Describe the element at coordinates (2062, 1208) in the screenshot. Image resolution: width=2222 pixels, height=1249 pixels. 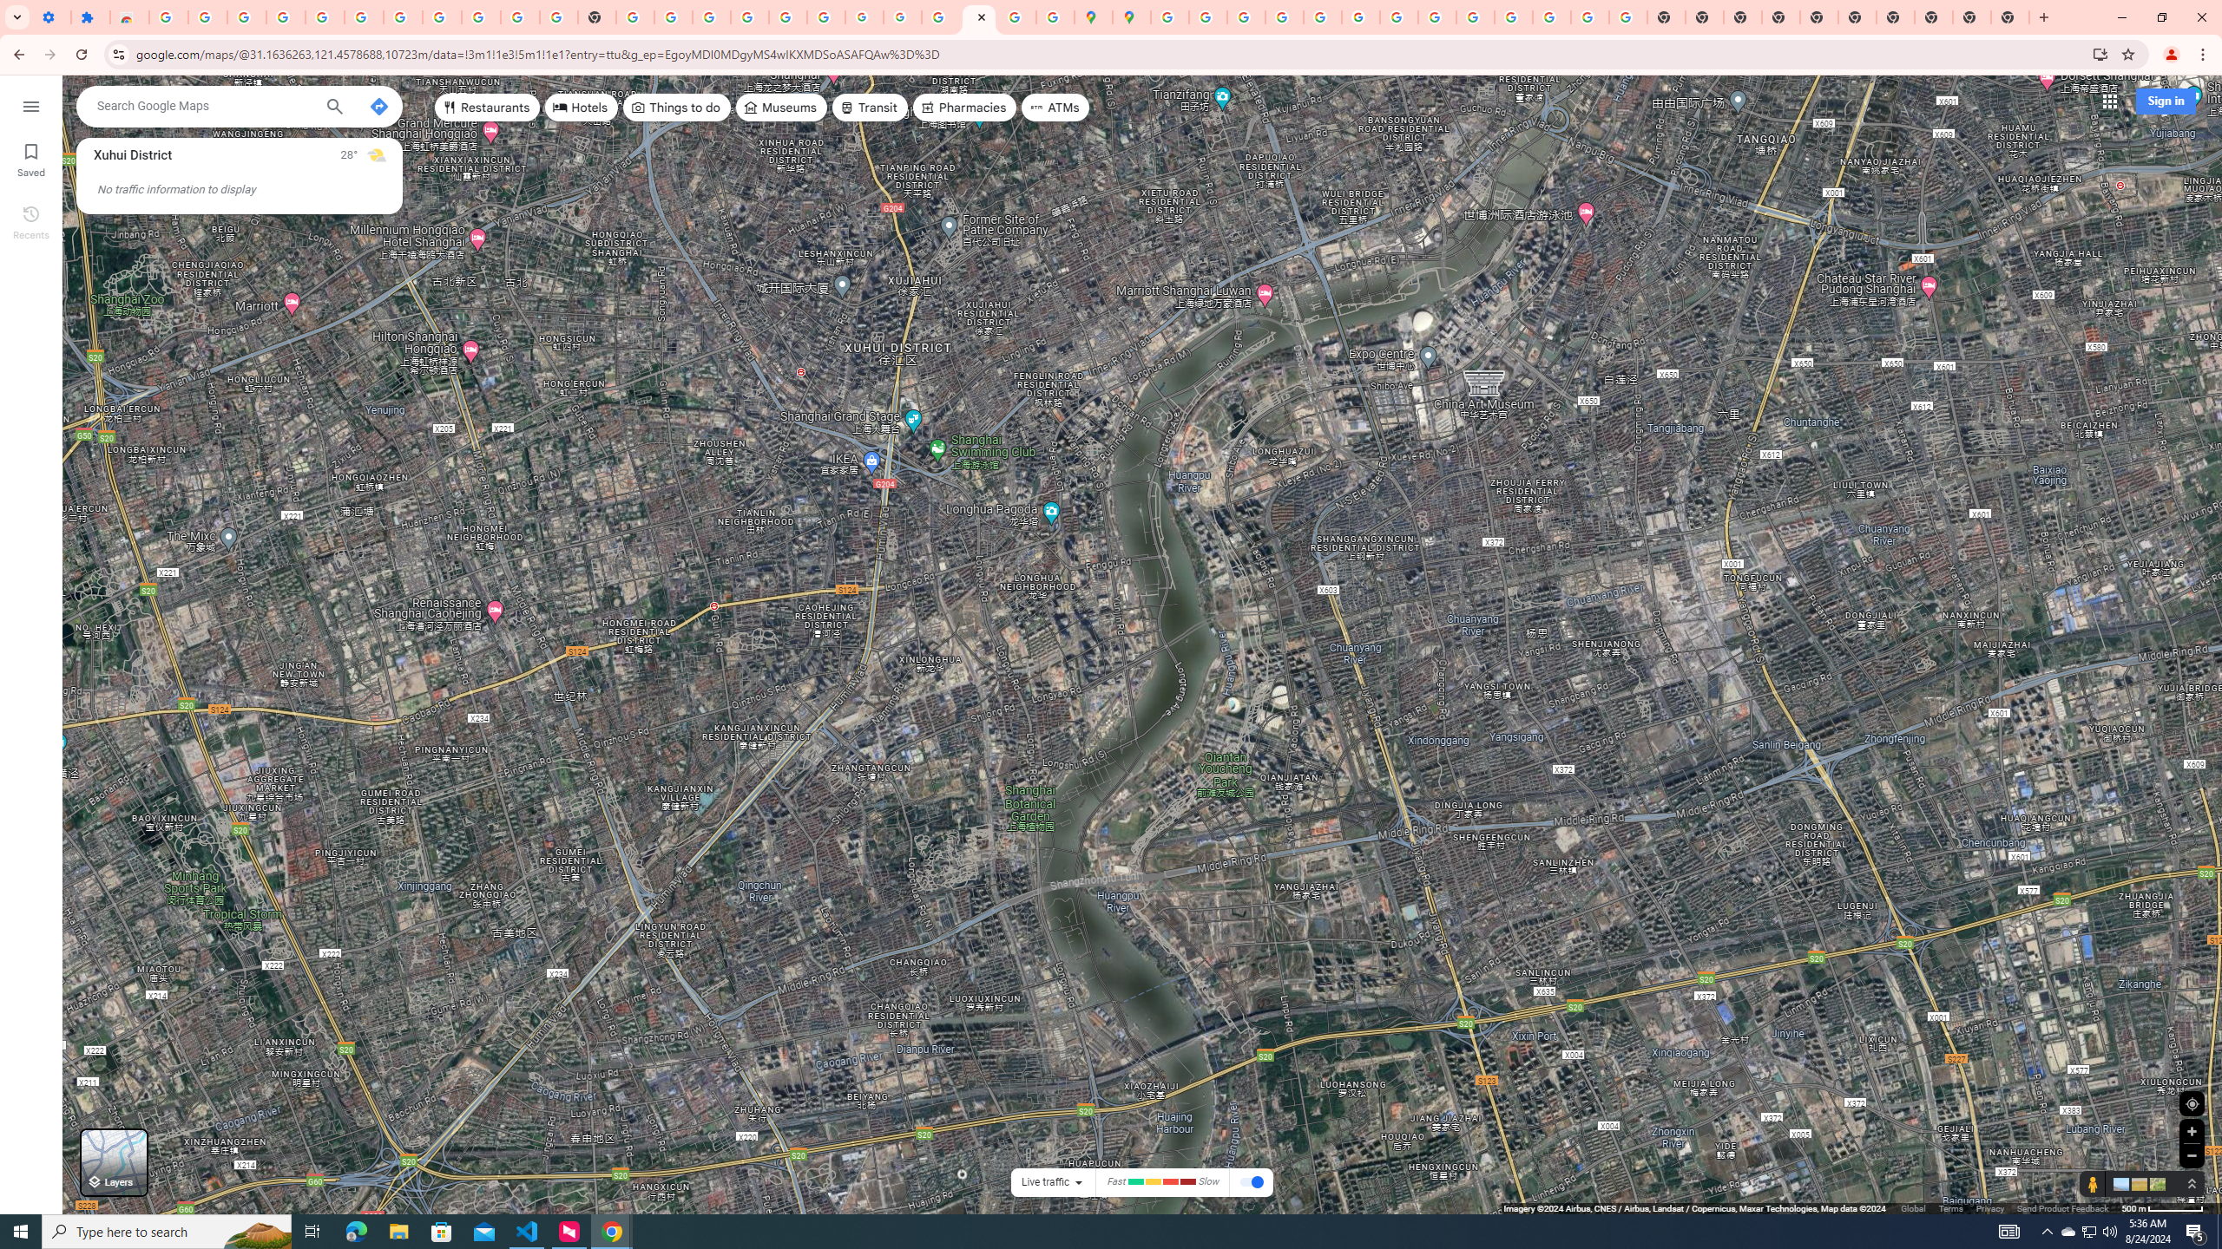
I see `'Send Product Feedback'` at that location.